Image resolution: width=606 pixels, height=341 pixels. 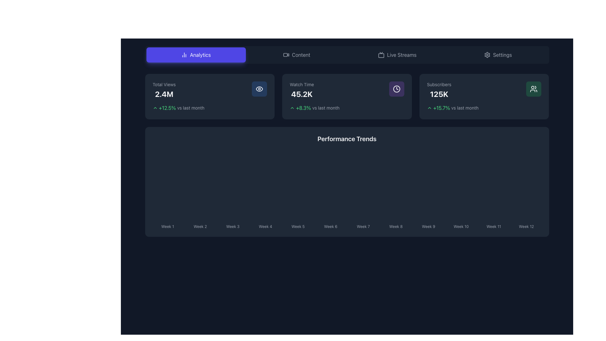 What do you see at coordinates (200, 226) in the screenshot?
I see `text label 'Week 2', which is the second entry in a horizontally aligned list of week labels located at the bottom of the performance trends section` at bounding box center [200, 226].